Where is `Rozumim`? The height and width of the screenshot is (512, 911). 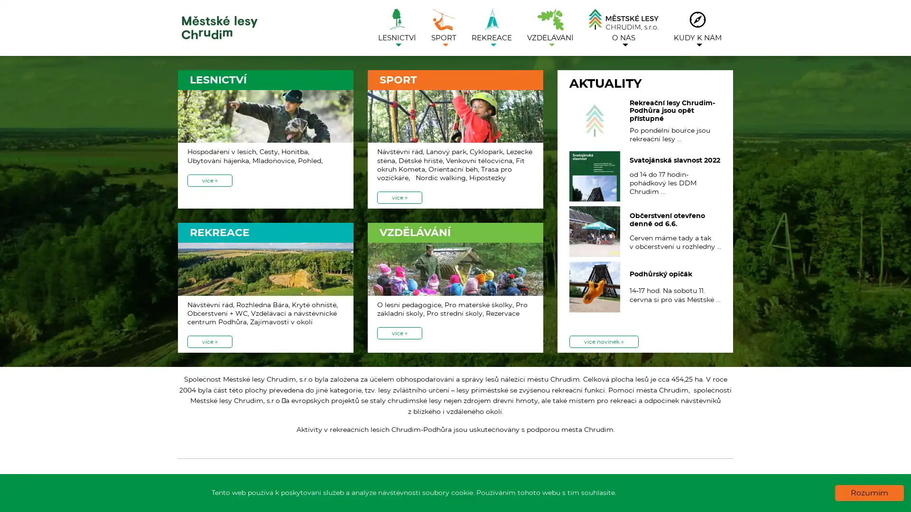 Rozumim is located at coordinates (869, 493).